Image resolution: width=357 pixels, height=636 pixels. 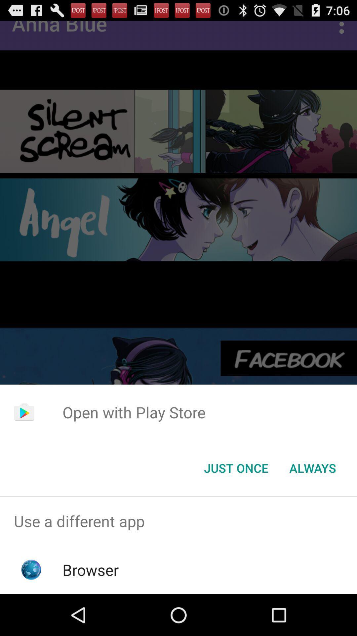 What do you see at coordinates (178, 521) in the screenshot?
I see `the use a different item` at bounding box center [178, 521].